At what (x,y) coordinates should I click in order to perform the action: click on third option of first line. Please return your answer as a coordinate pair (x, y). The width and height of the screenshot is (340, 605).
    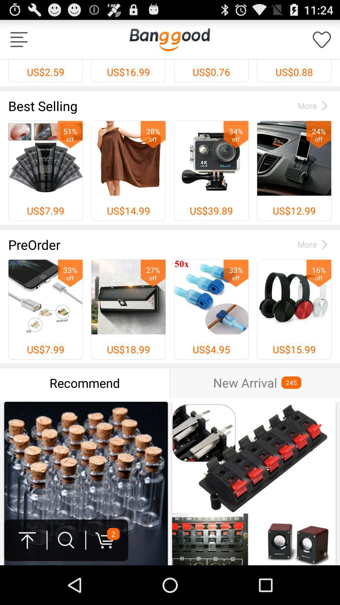
    Looking at the image, I should click on (211, 171).